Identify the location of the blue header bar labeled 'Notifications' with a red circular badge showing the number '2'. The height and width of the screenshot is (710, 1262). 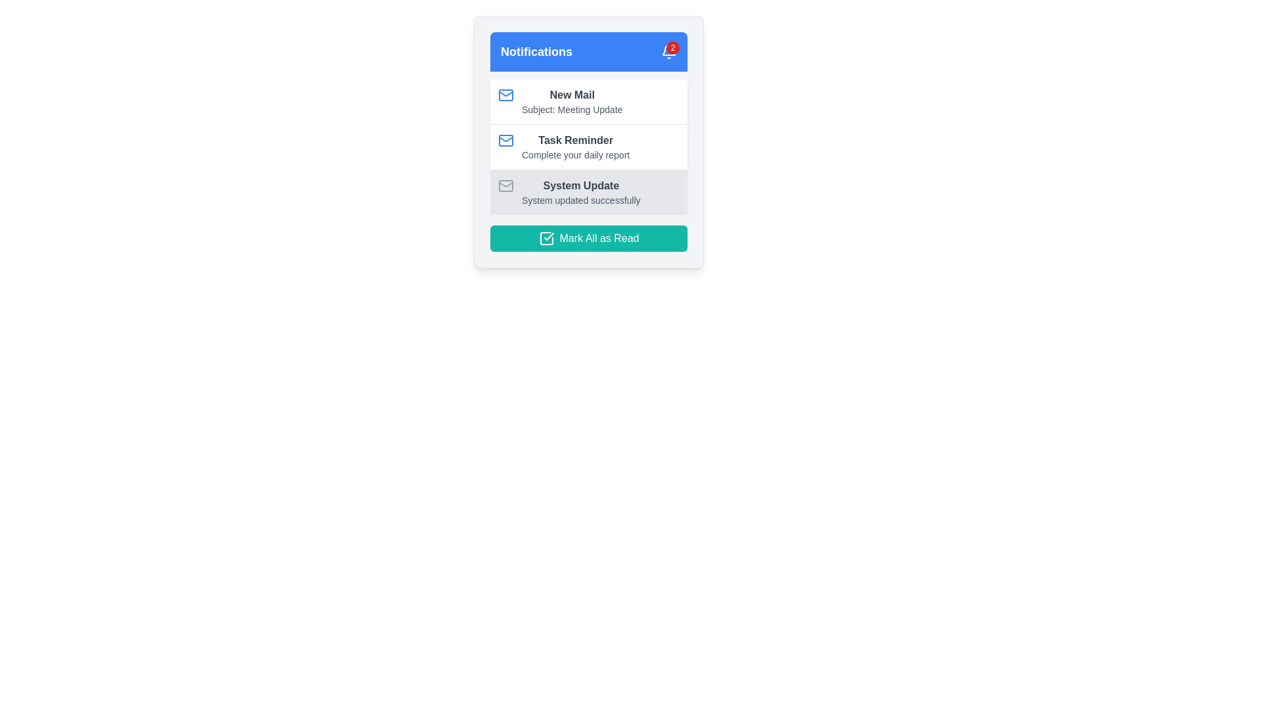
(588, 51).